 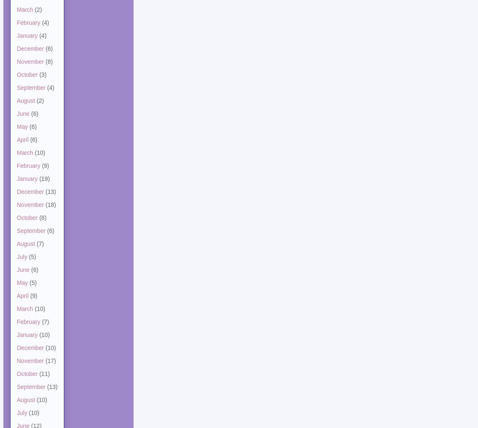 I want to click on '(18)', so click(x=50, y=204).